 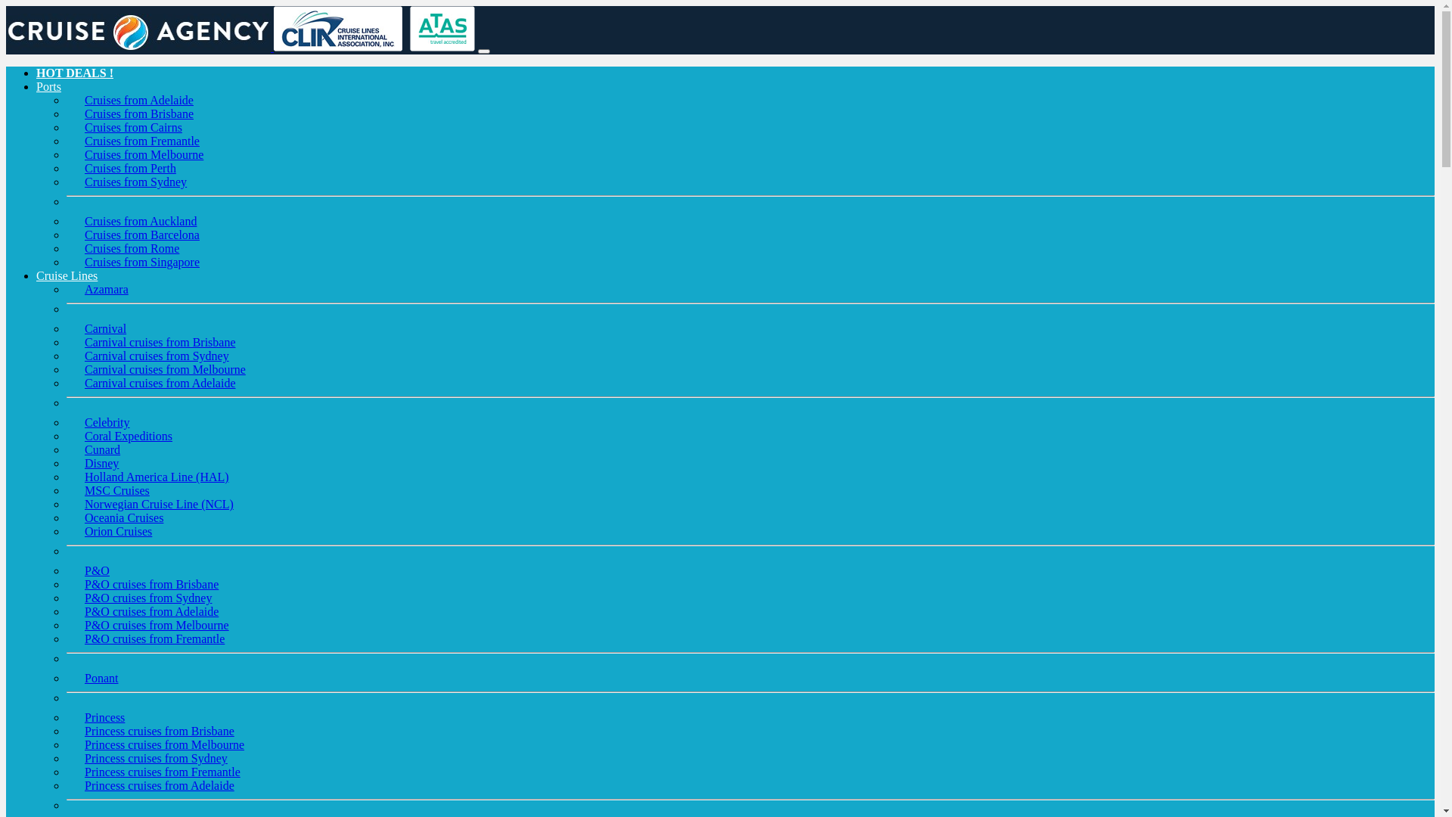 I want to click on 'Cruises from Singapore', so click(x=141, y=261).